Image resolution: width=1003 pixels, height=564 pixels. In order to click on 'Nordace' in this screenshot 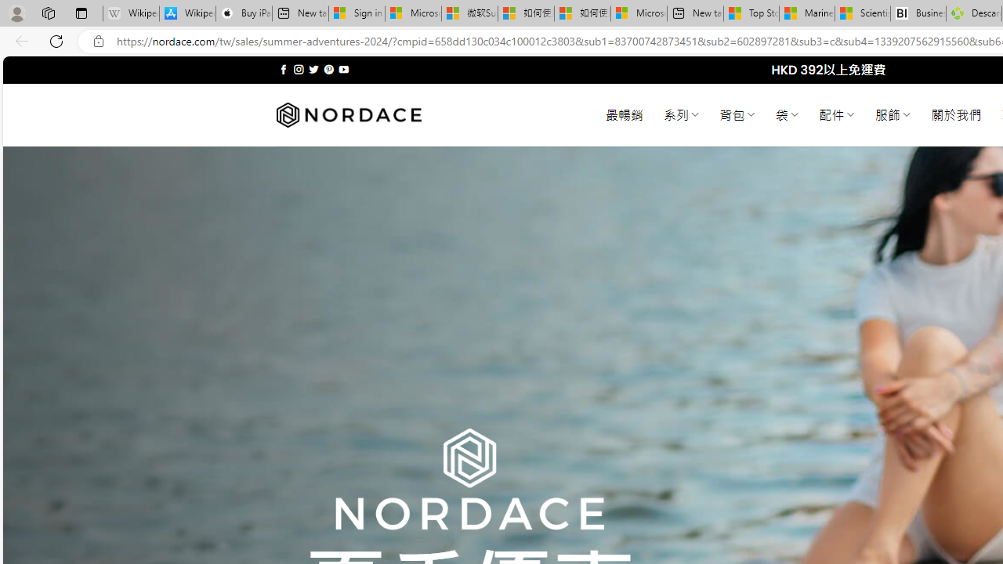, I will do `click(347, 114)`.